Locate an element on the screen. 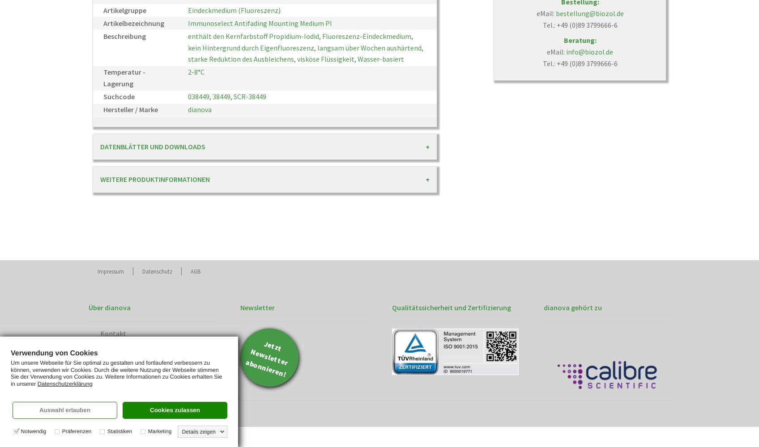 The image size is (759, 447). 'Unternehmen' is located at coordinates (121, 367).